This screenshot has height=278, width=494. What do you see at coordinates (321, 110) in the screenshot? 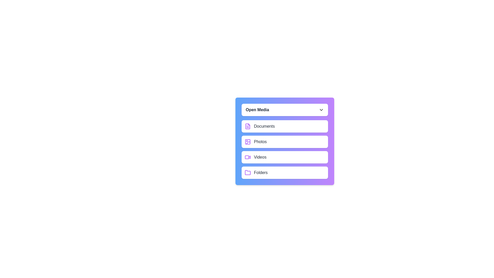
I see `the chevron icon on the right side of the 'Open Media' text` at bounding box center [321, 110].